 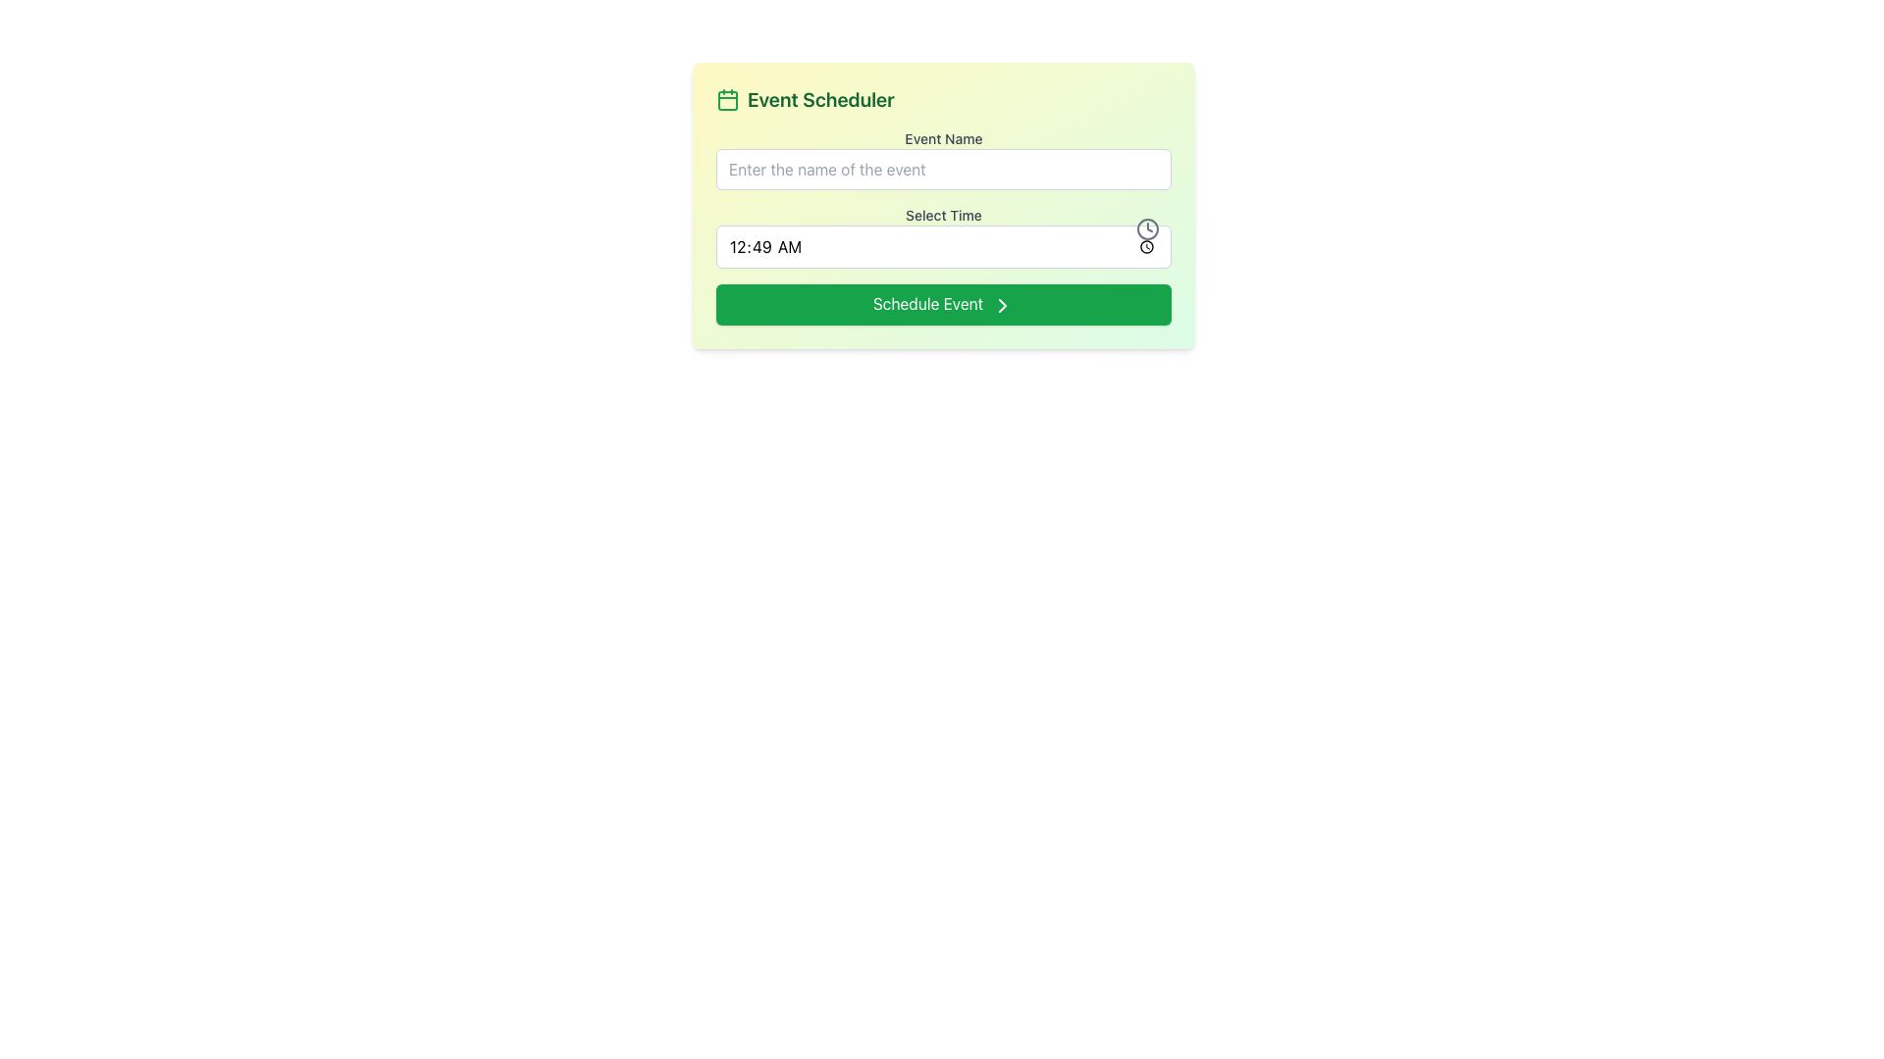 What do you see at coordinates (820, 99) in the screenshot?
I see `the static text label that serves as a title or header for the scheduling events section, positioned centrally in a horizontal layout with a light greenish-yellow background` at bounding box center [820, 99].